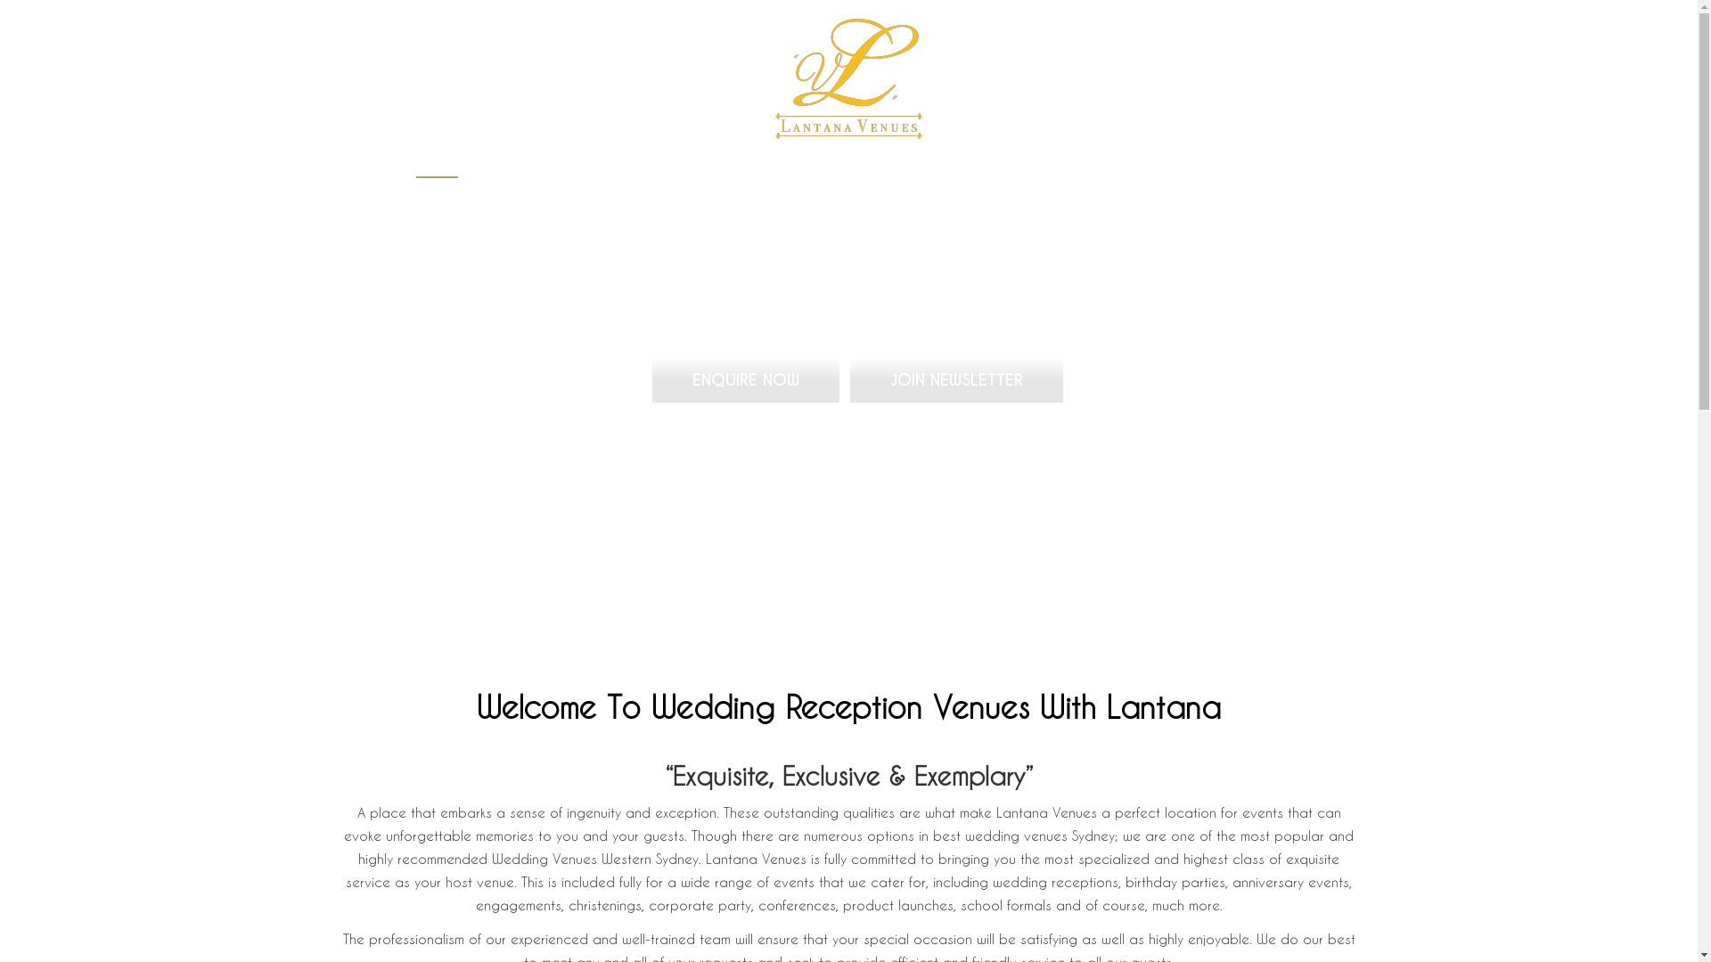  Describe the element at coordinates (847, 379) in the screenshot. I see `'JOIN NEWSLETTER'` at that location.